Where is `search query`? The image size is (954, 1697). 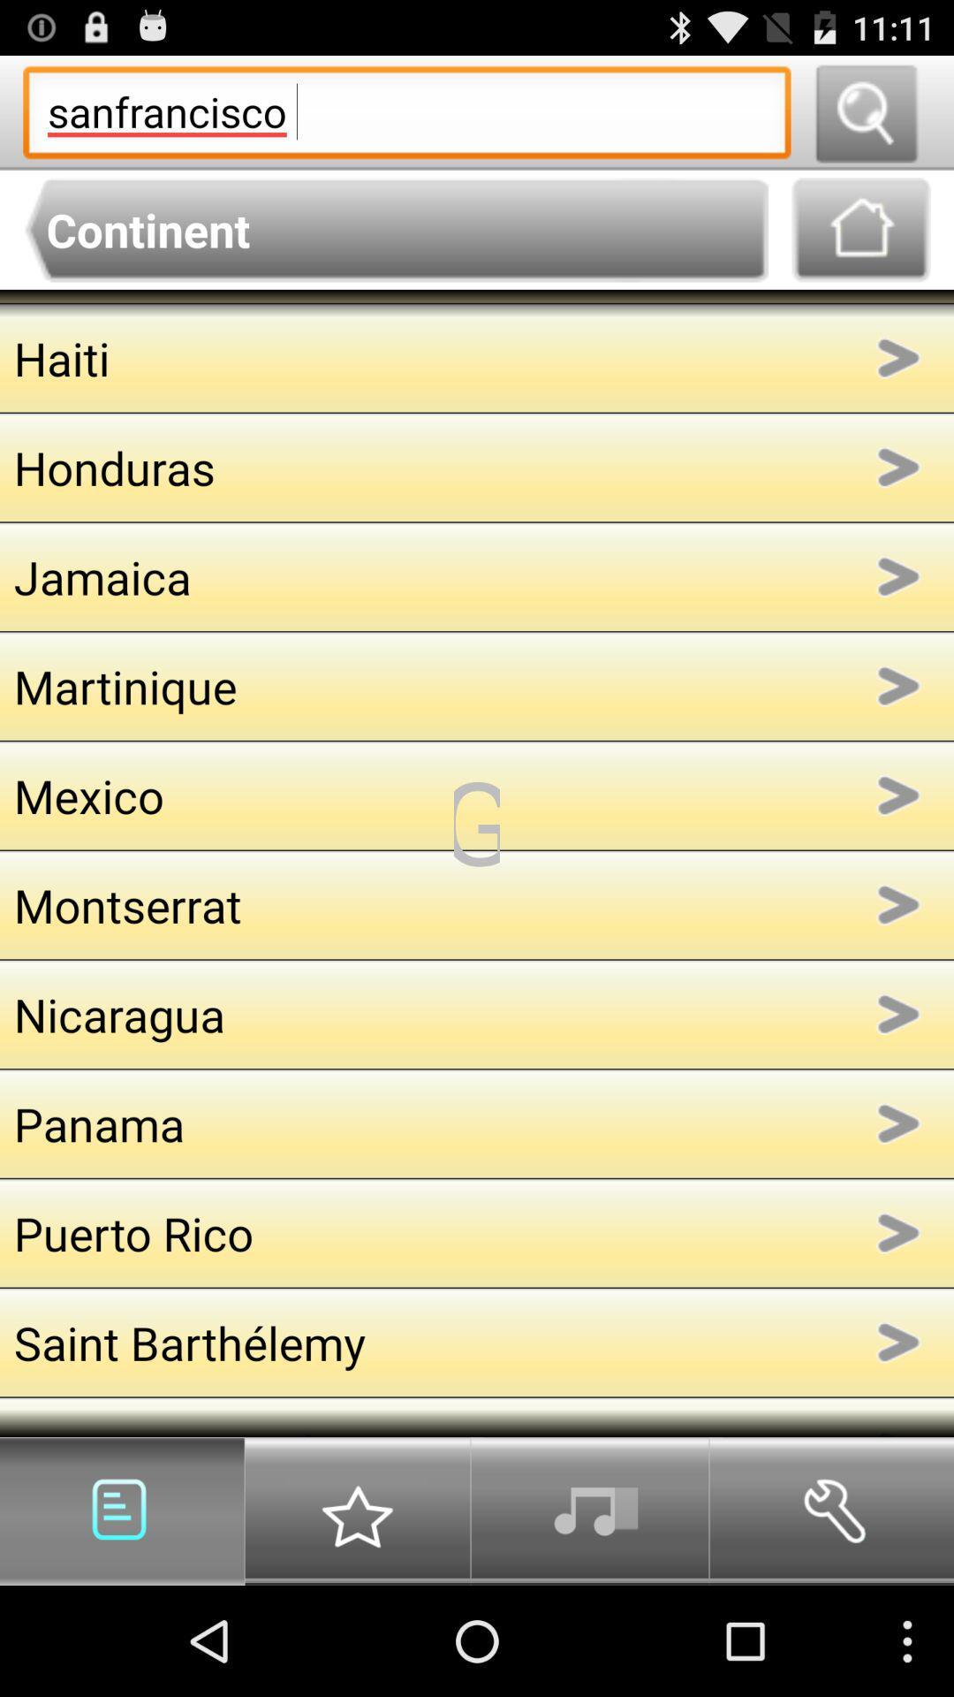 search query is located at coordinates (865, 111).